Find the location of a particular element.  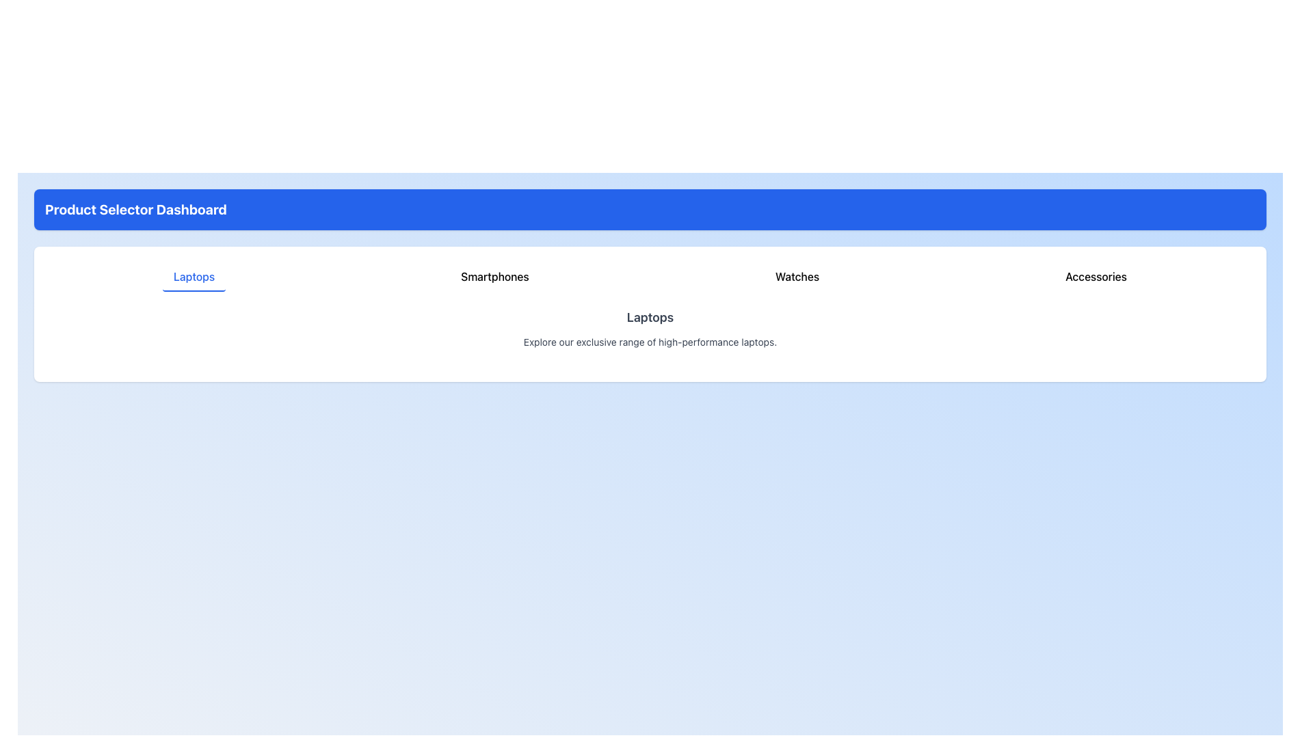

the 'Laptops' text label, which is styled in a large, bold font and serves as a section title at the top-middle region of the content area is located at coordinates (649, 318).